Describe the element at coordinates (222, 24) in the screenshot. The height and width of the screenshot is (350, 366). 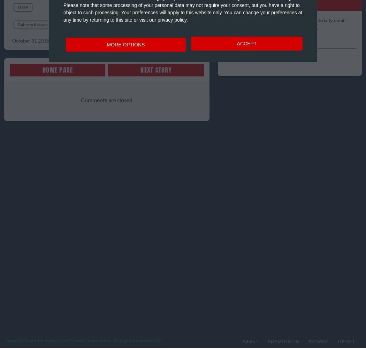
I see `'Subscribe to the most succinct 7 days a week daily email read by thousands of Westminster insiders.'` at that location.